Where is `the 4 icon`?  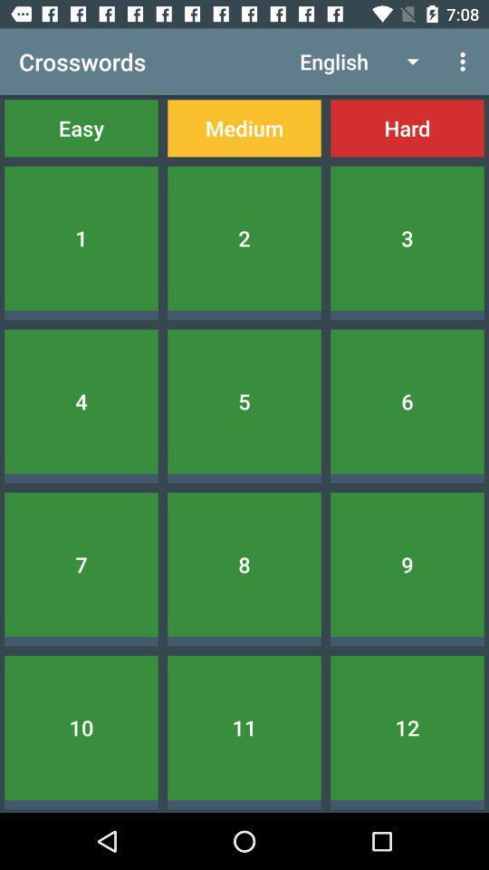
the 4 icon is located at coordinates (81, 401).